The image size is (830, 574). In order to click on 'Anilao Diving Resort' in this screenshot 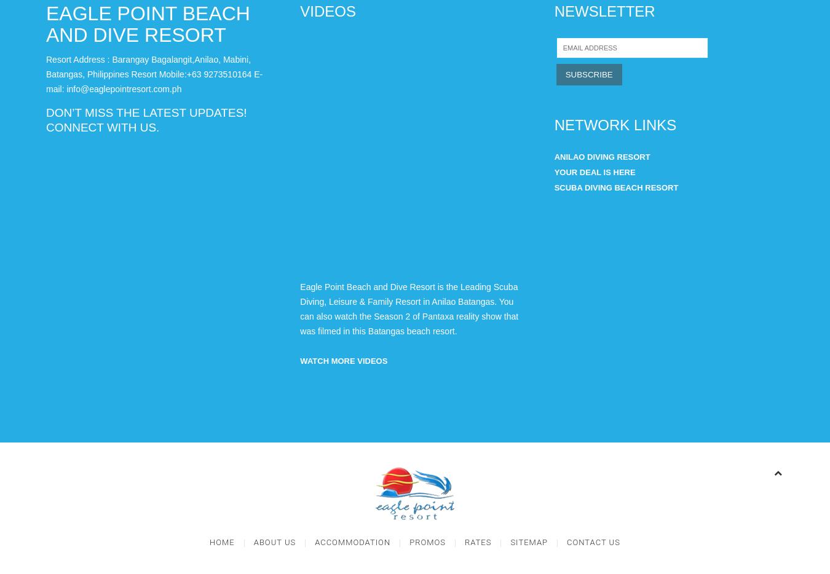, I will do `click(553, 157)`.